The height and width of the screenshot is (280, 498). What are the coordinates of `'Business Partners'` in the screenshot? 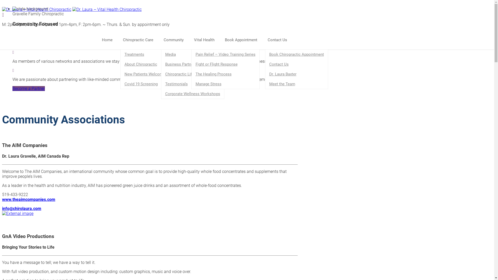 It's located at (192, 64).